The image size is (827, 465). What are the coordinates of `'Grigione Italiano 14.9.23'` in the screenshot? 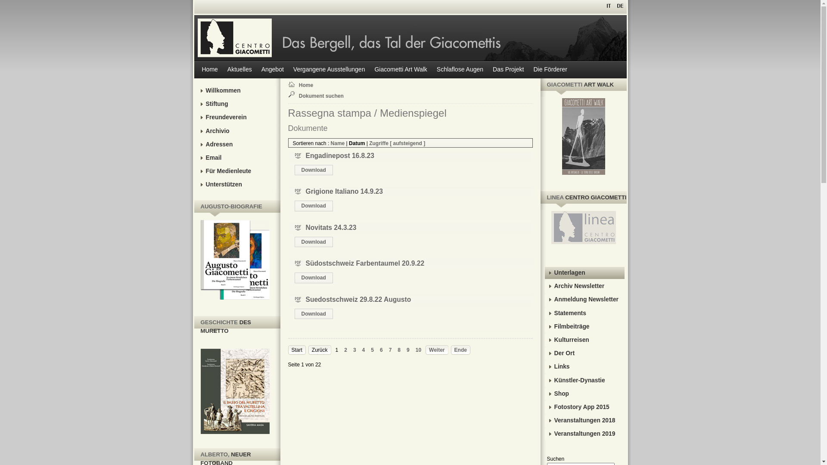 It's located at (306, 191).